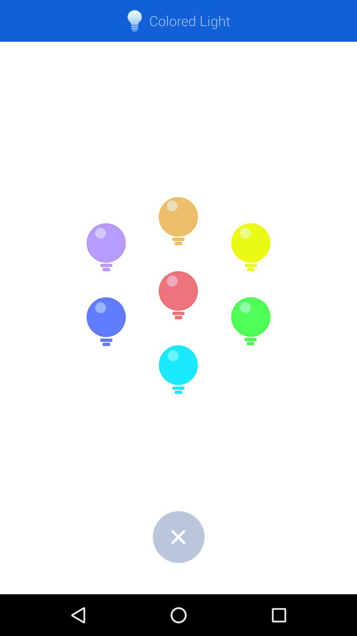 The image size is (357, 636). Describe the element at coordinates (106, 247) in the screenshot. I see `choose purple light` at that location.